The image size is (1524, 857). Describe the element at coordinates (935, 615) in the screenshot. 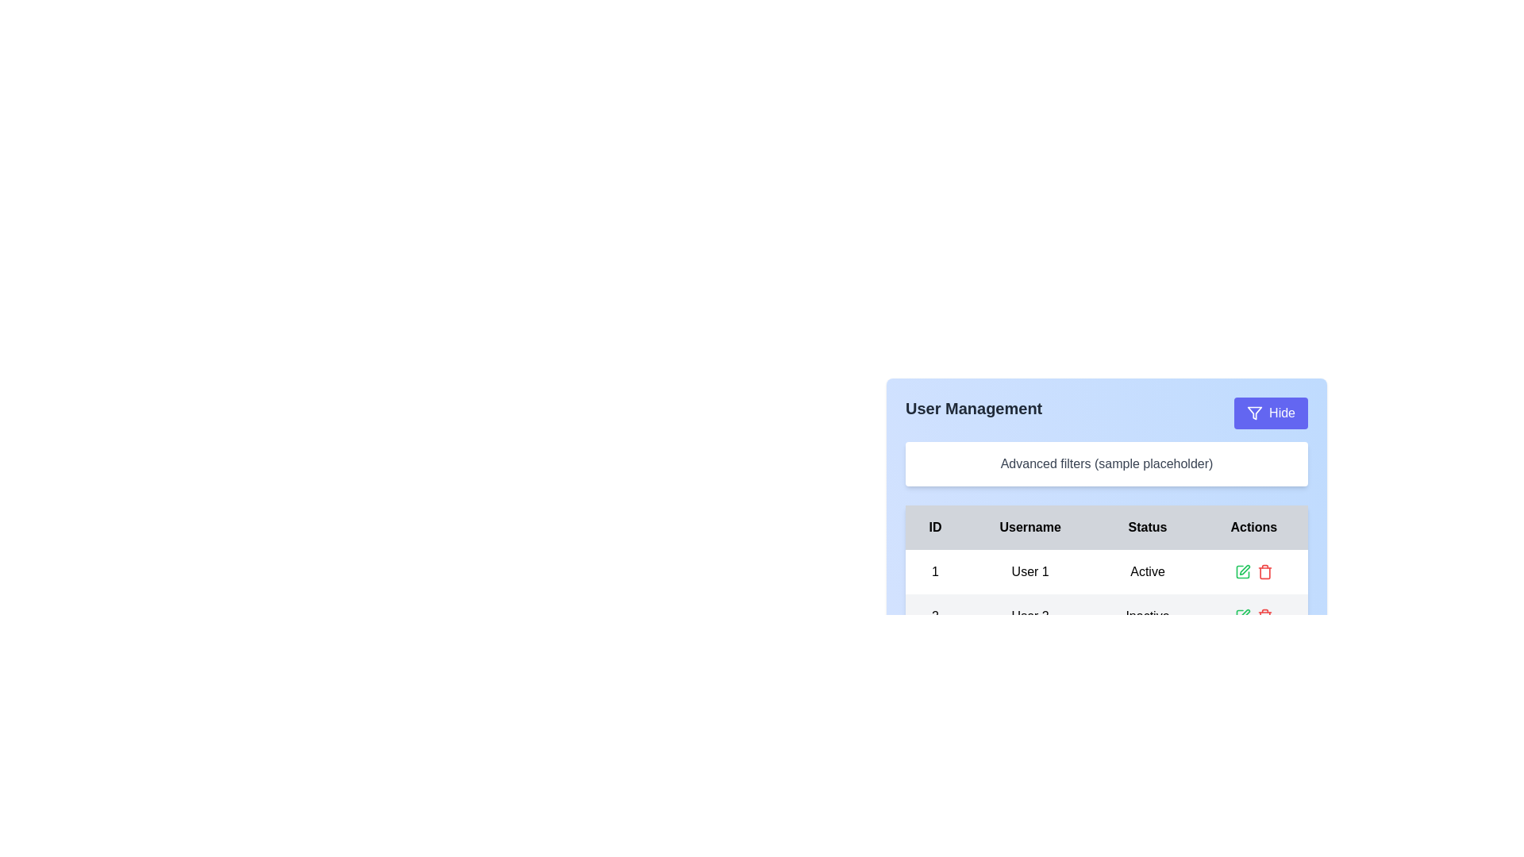

I see `the Text field that serves as a unique identifier for the second user entry (row number) in the 'ID' column of the user management table` at that location.